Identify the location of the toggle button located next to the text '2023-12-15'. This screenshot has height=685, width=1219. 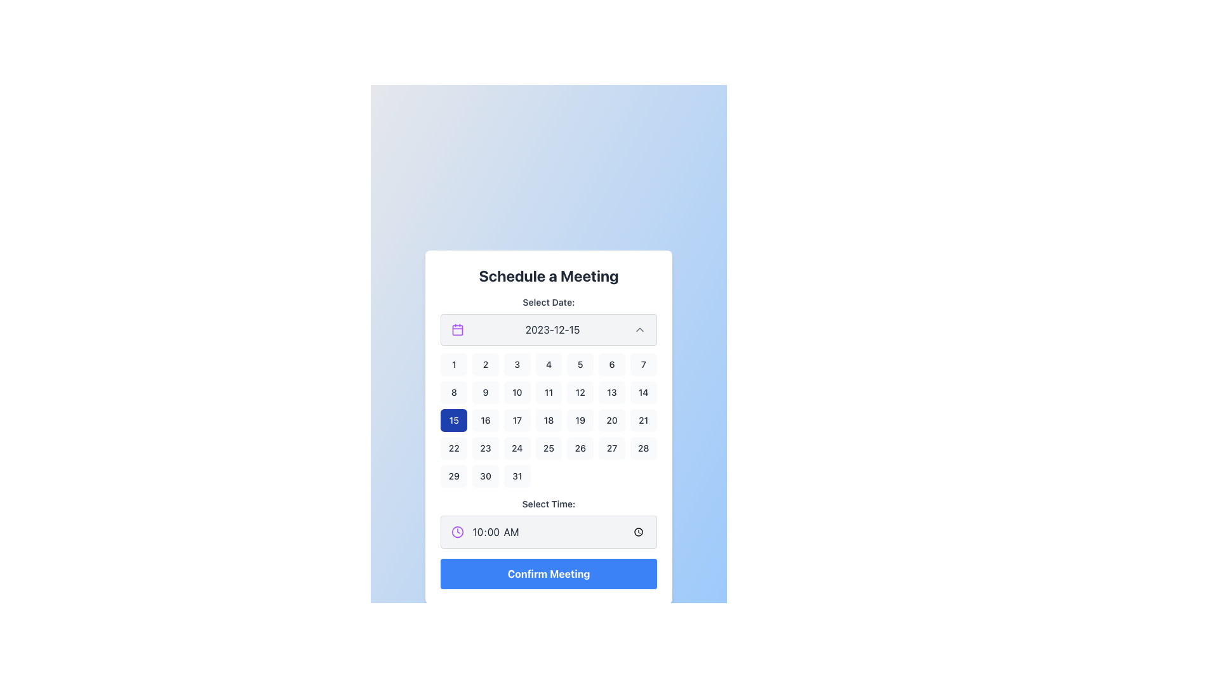
(639, 329).